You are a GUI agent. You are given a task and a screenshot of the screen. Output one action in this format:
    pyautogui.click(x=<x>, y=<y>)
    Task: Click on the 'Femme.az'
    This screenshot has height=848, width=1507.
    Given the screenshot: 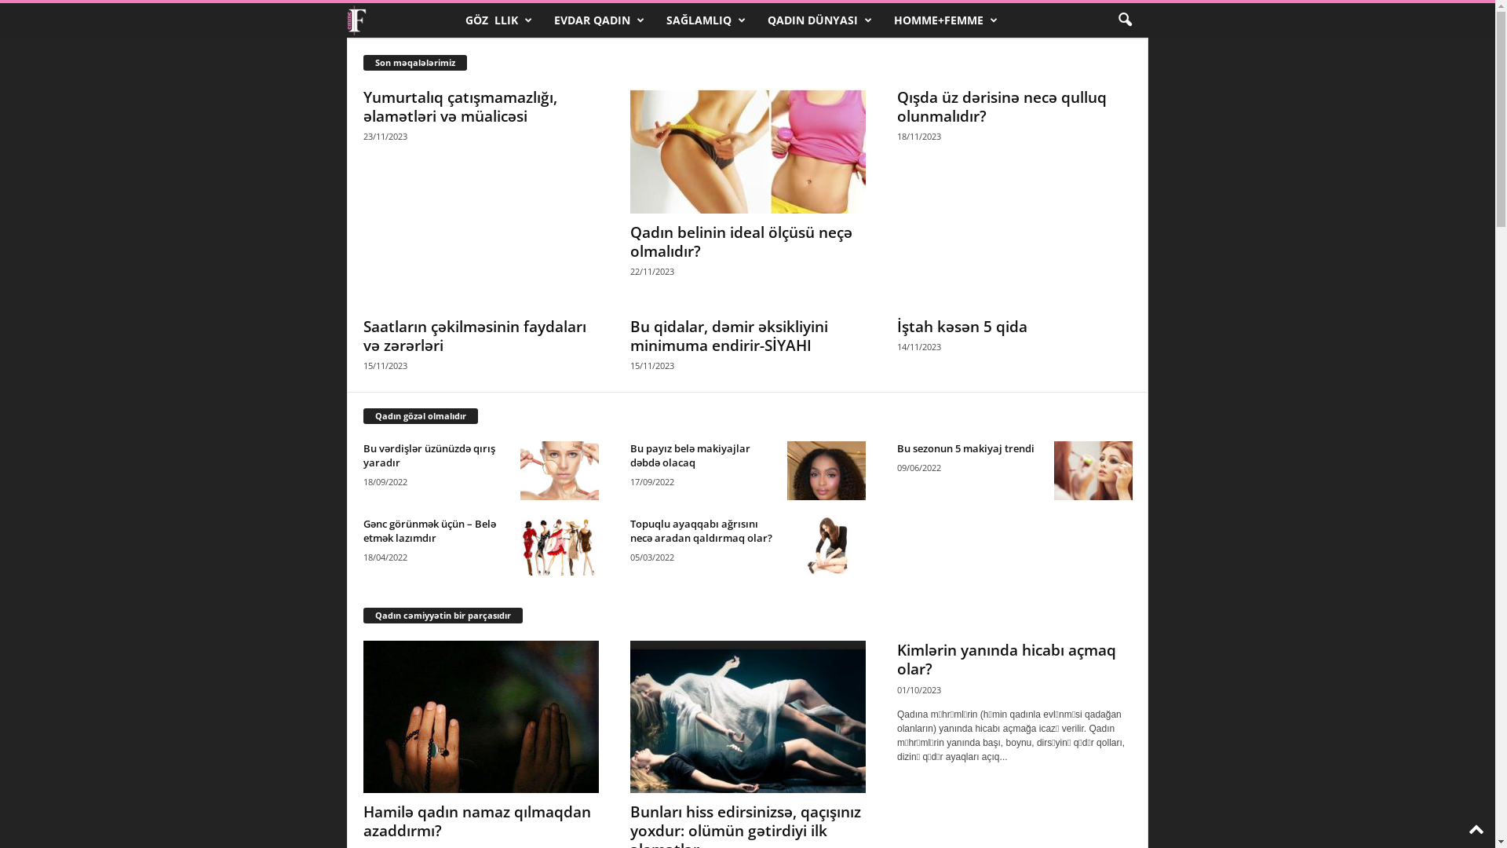 What is the action you would take?
    pyautogui.click(x=400, y=20)
    